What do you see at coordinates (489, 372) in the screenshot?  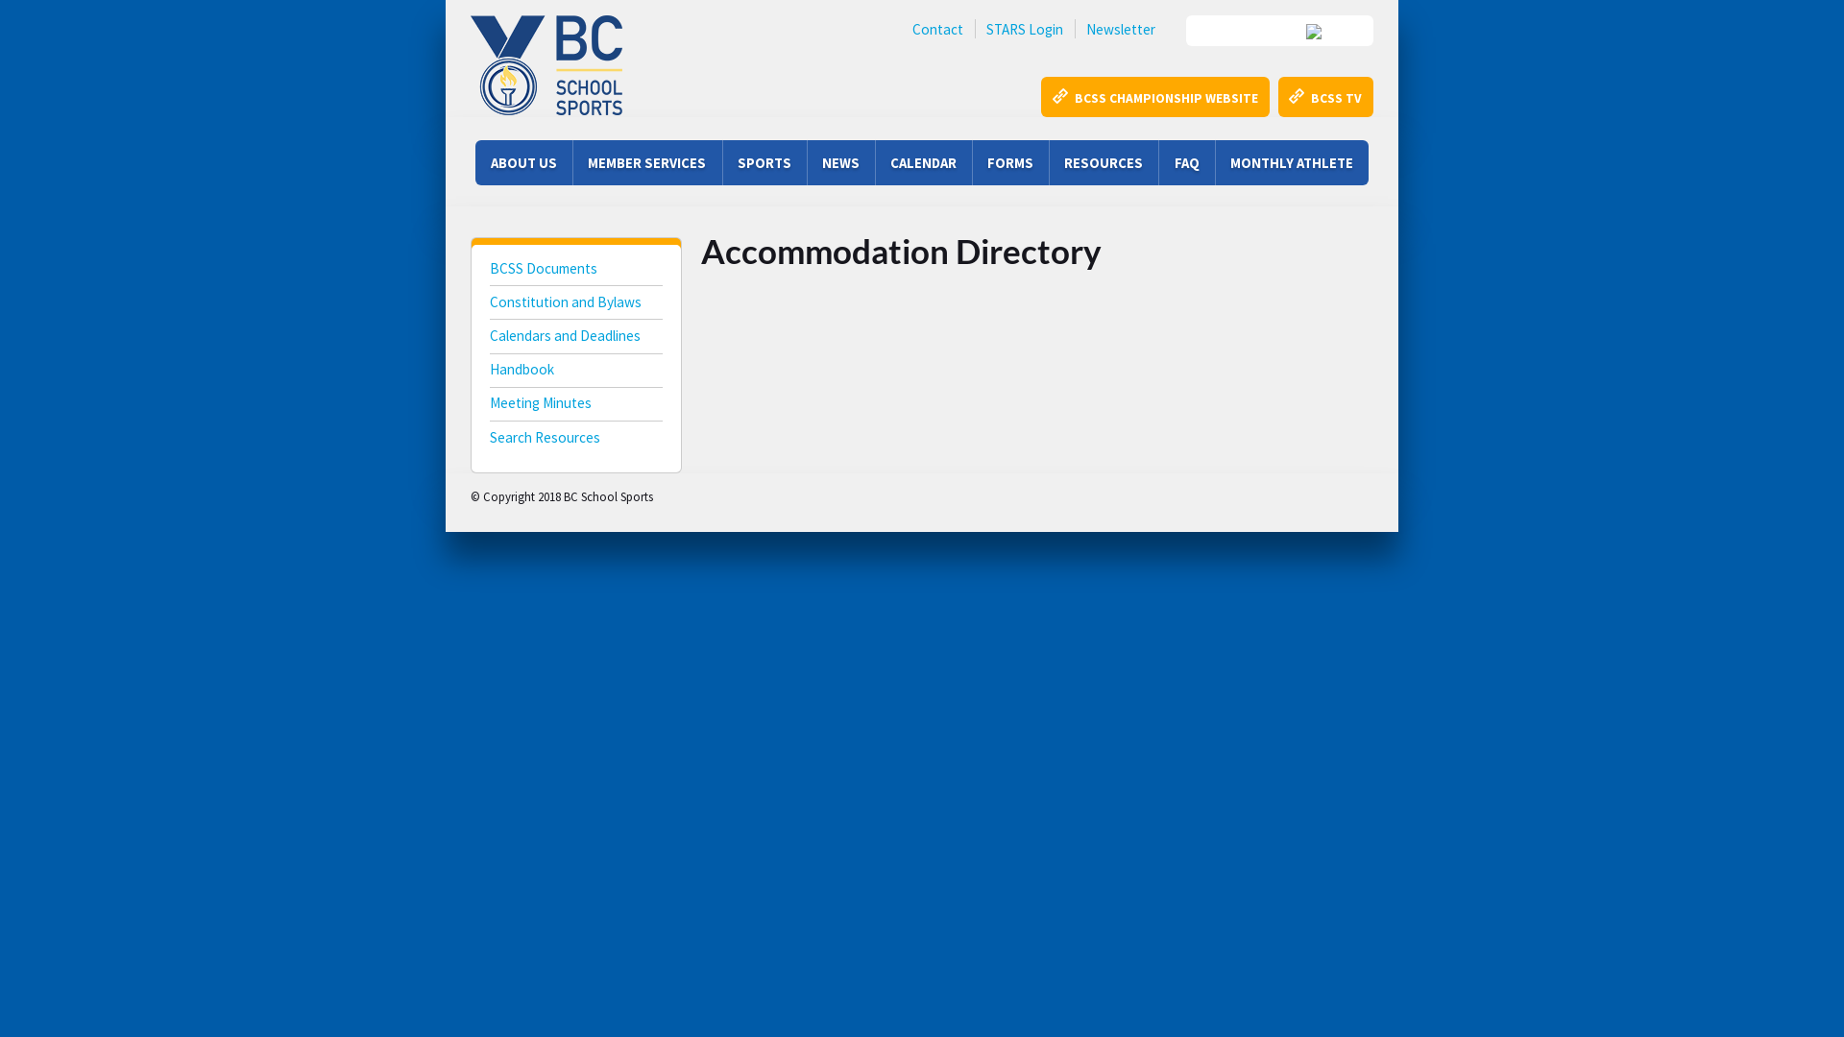 I see `'Handbook'` at bounding box center [489, 372].